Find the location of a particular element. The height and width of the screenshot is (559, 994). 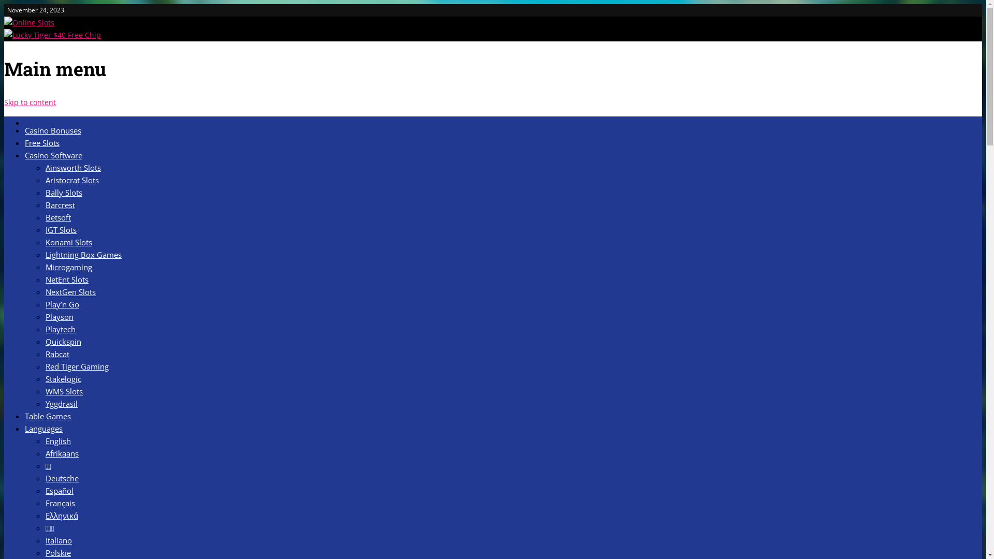

'Free Slots' is located at coordinates (25, 143).